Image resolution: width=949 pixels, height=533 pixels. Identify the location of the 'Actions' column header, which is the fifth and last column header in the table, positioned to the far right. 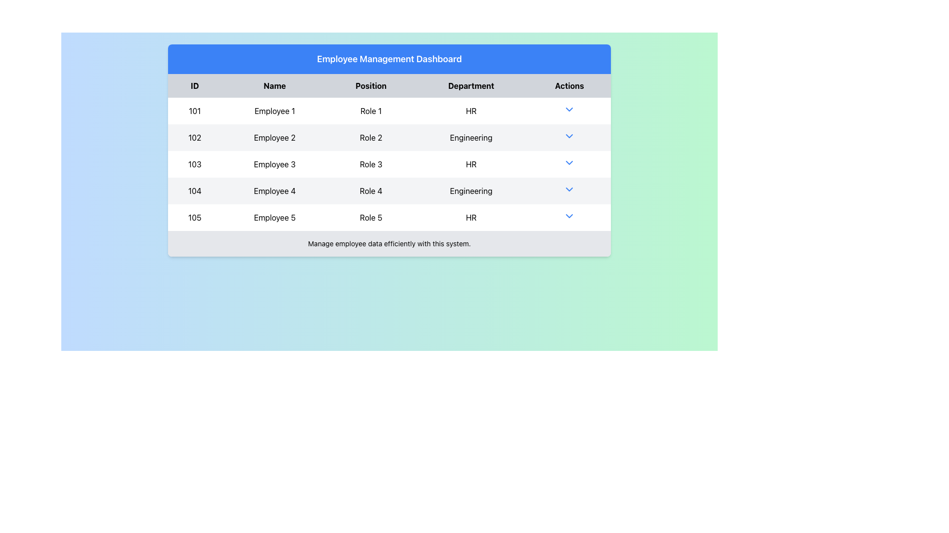
(569, 85).